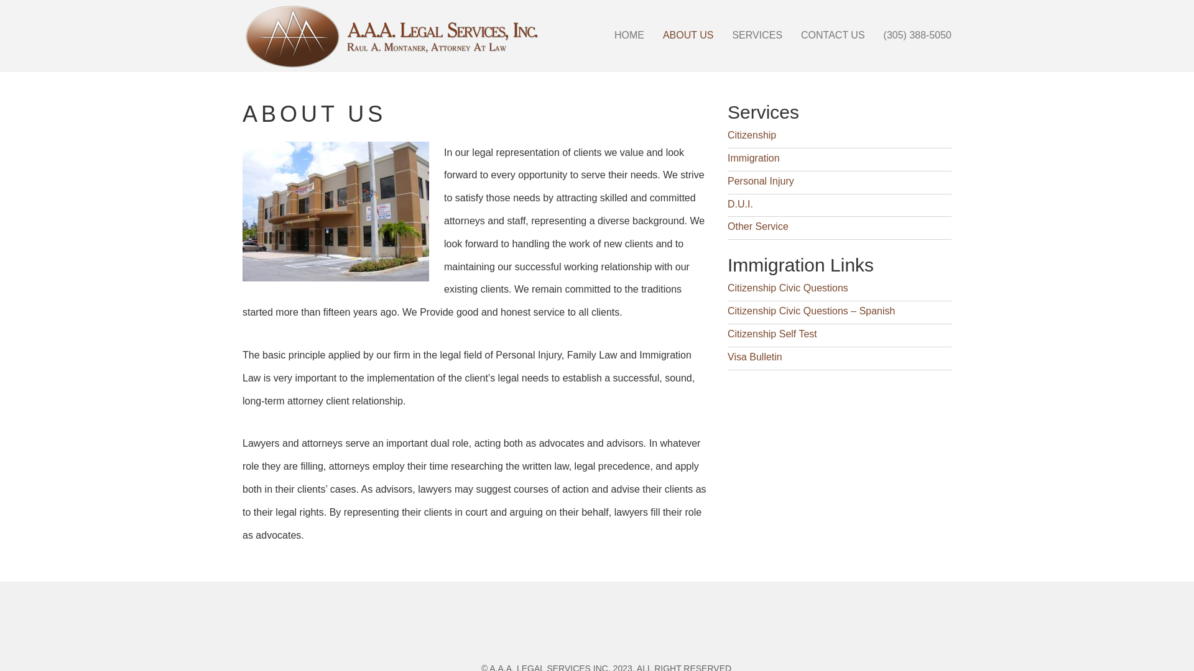 The image size is (1194, 671). I want to click on 'CONTACT US', so click(833, 35).